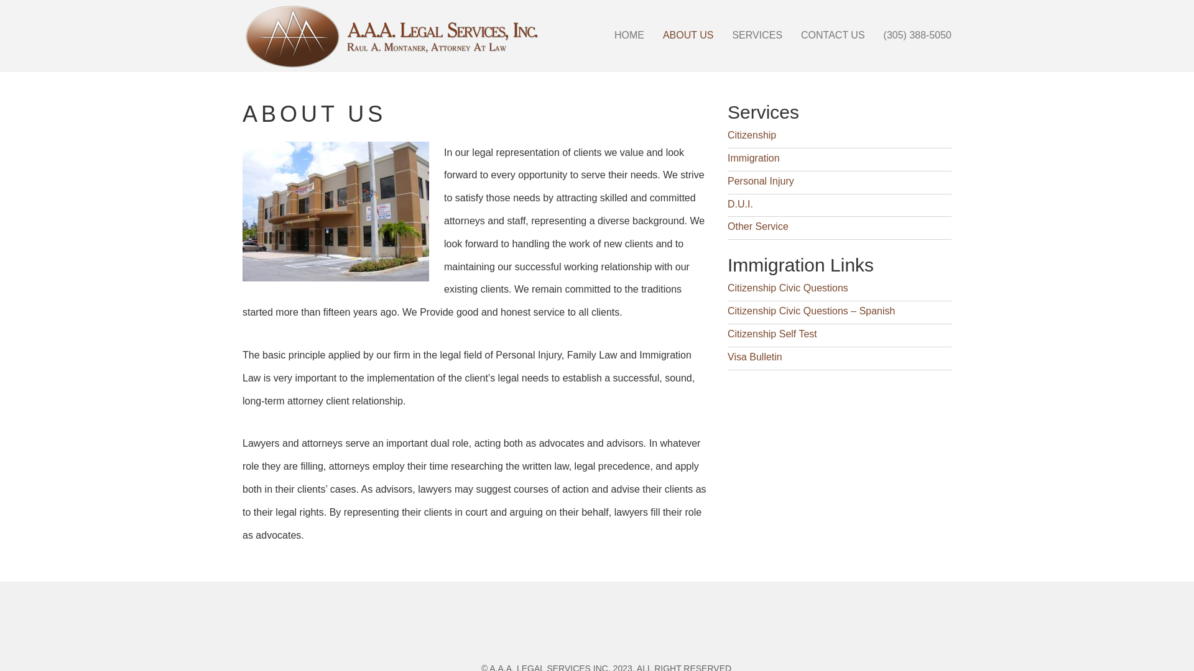 The image size is (1194, 671). I want to click on 'CONTACT US', so click(833, 35).